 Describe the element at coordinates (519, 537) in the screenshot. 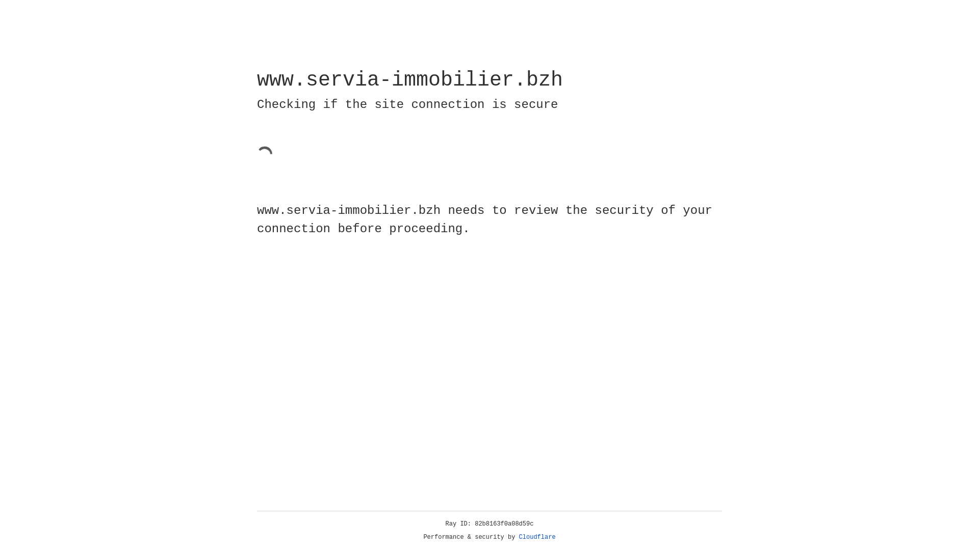

I see `'Cloudflare'` at that location.